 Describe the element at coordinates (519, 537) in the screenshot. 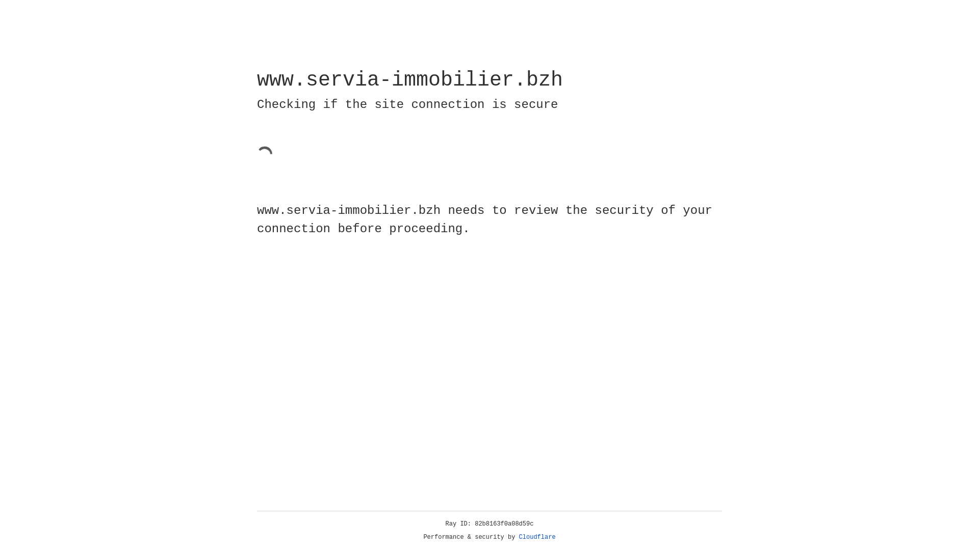

I see `'Cloudflare'` at that location.